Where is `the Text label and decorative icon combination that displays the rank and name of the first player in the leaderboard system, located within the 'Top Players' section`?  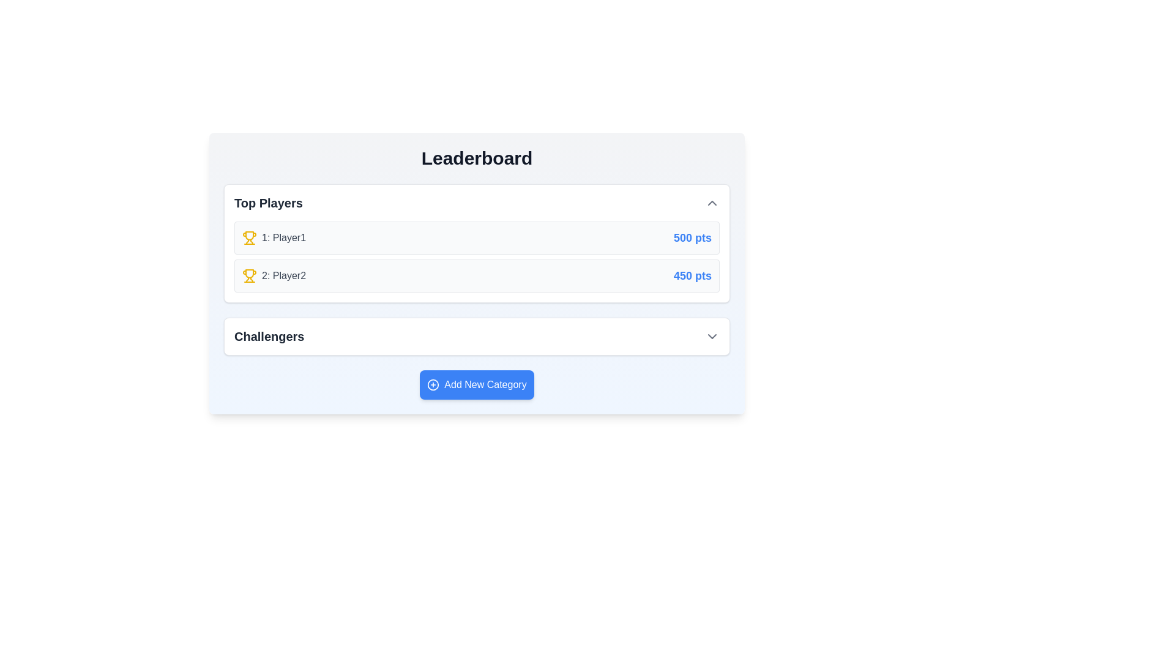
the Text label and decorative icon combination that displays the rank and name of the first player in the leaderboard system, located within the 'Top Players' section is located at coordinates (273, 238).